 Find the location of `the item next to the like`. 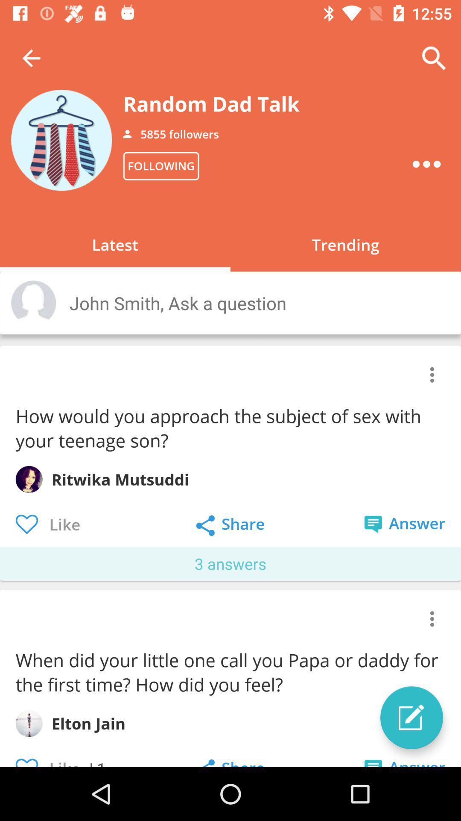

the item next to the like is located at coordinates (97, 762).